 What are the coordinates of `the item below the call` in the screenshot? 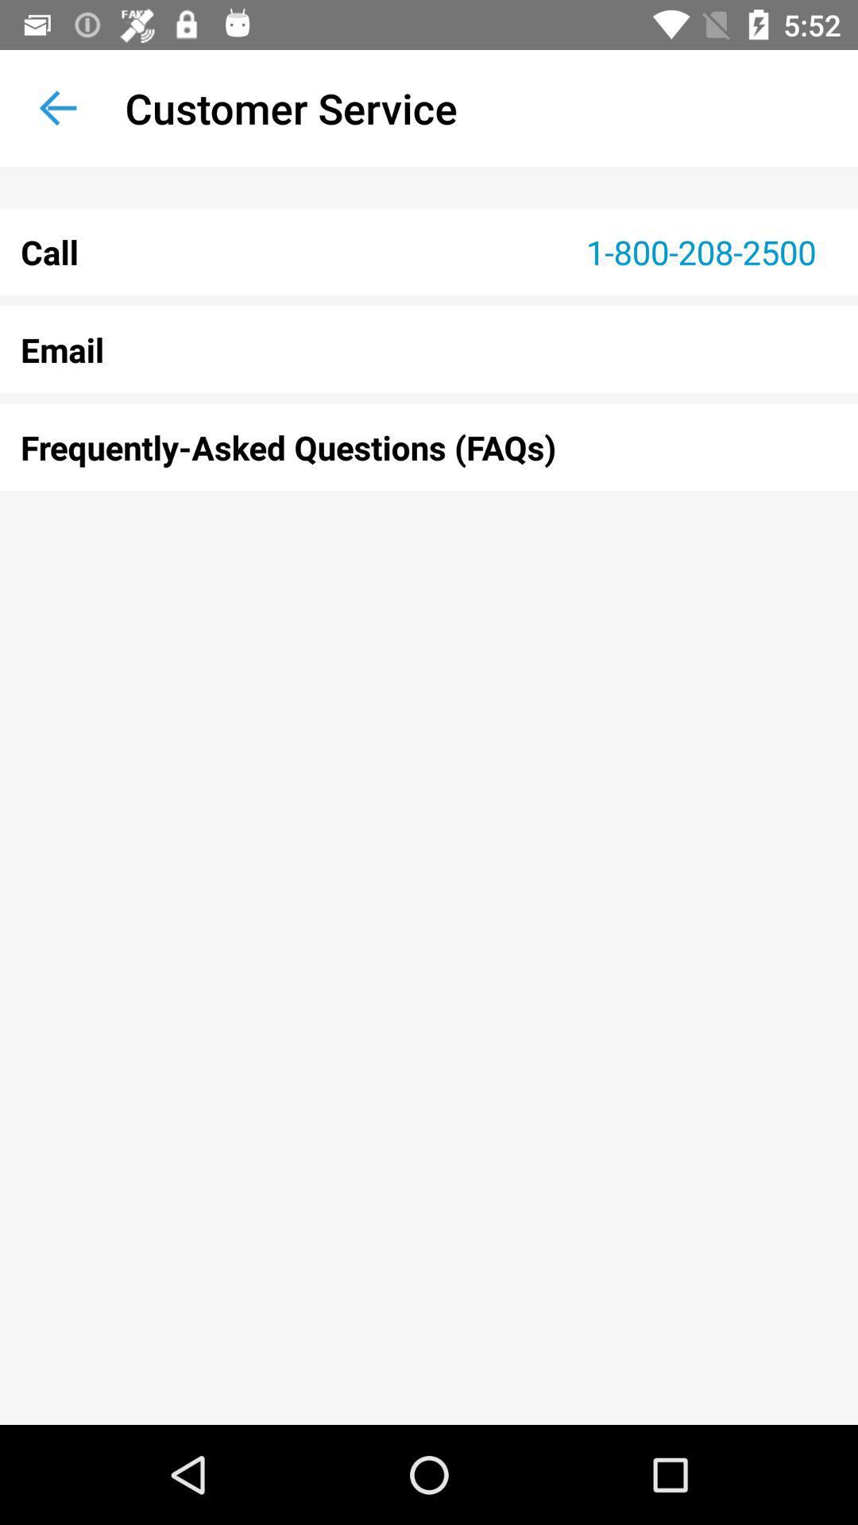 It's located at (429, 349).